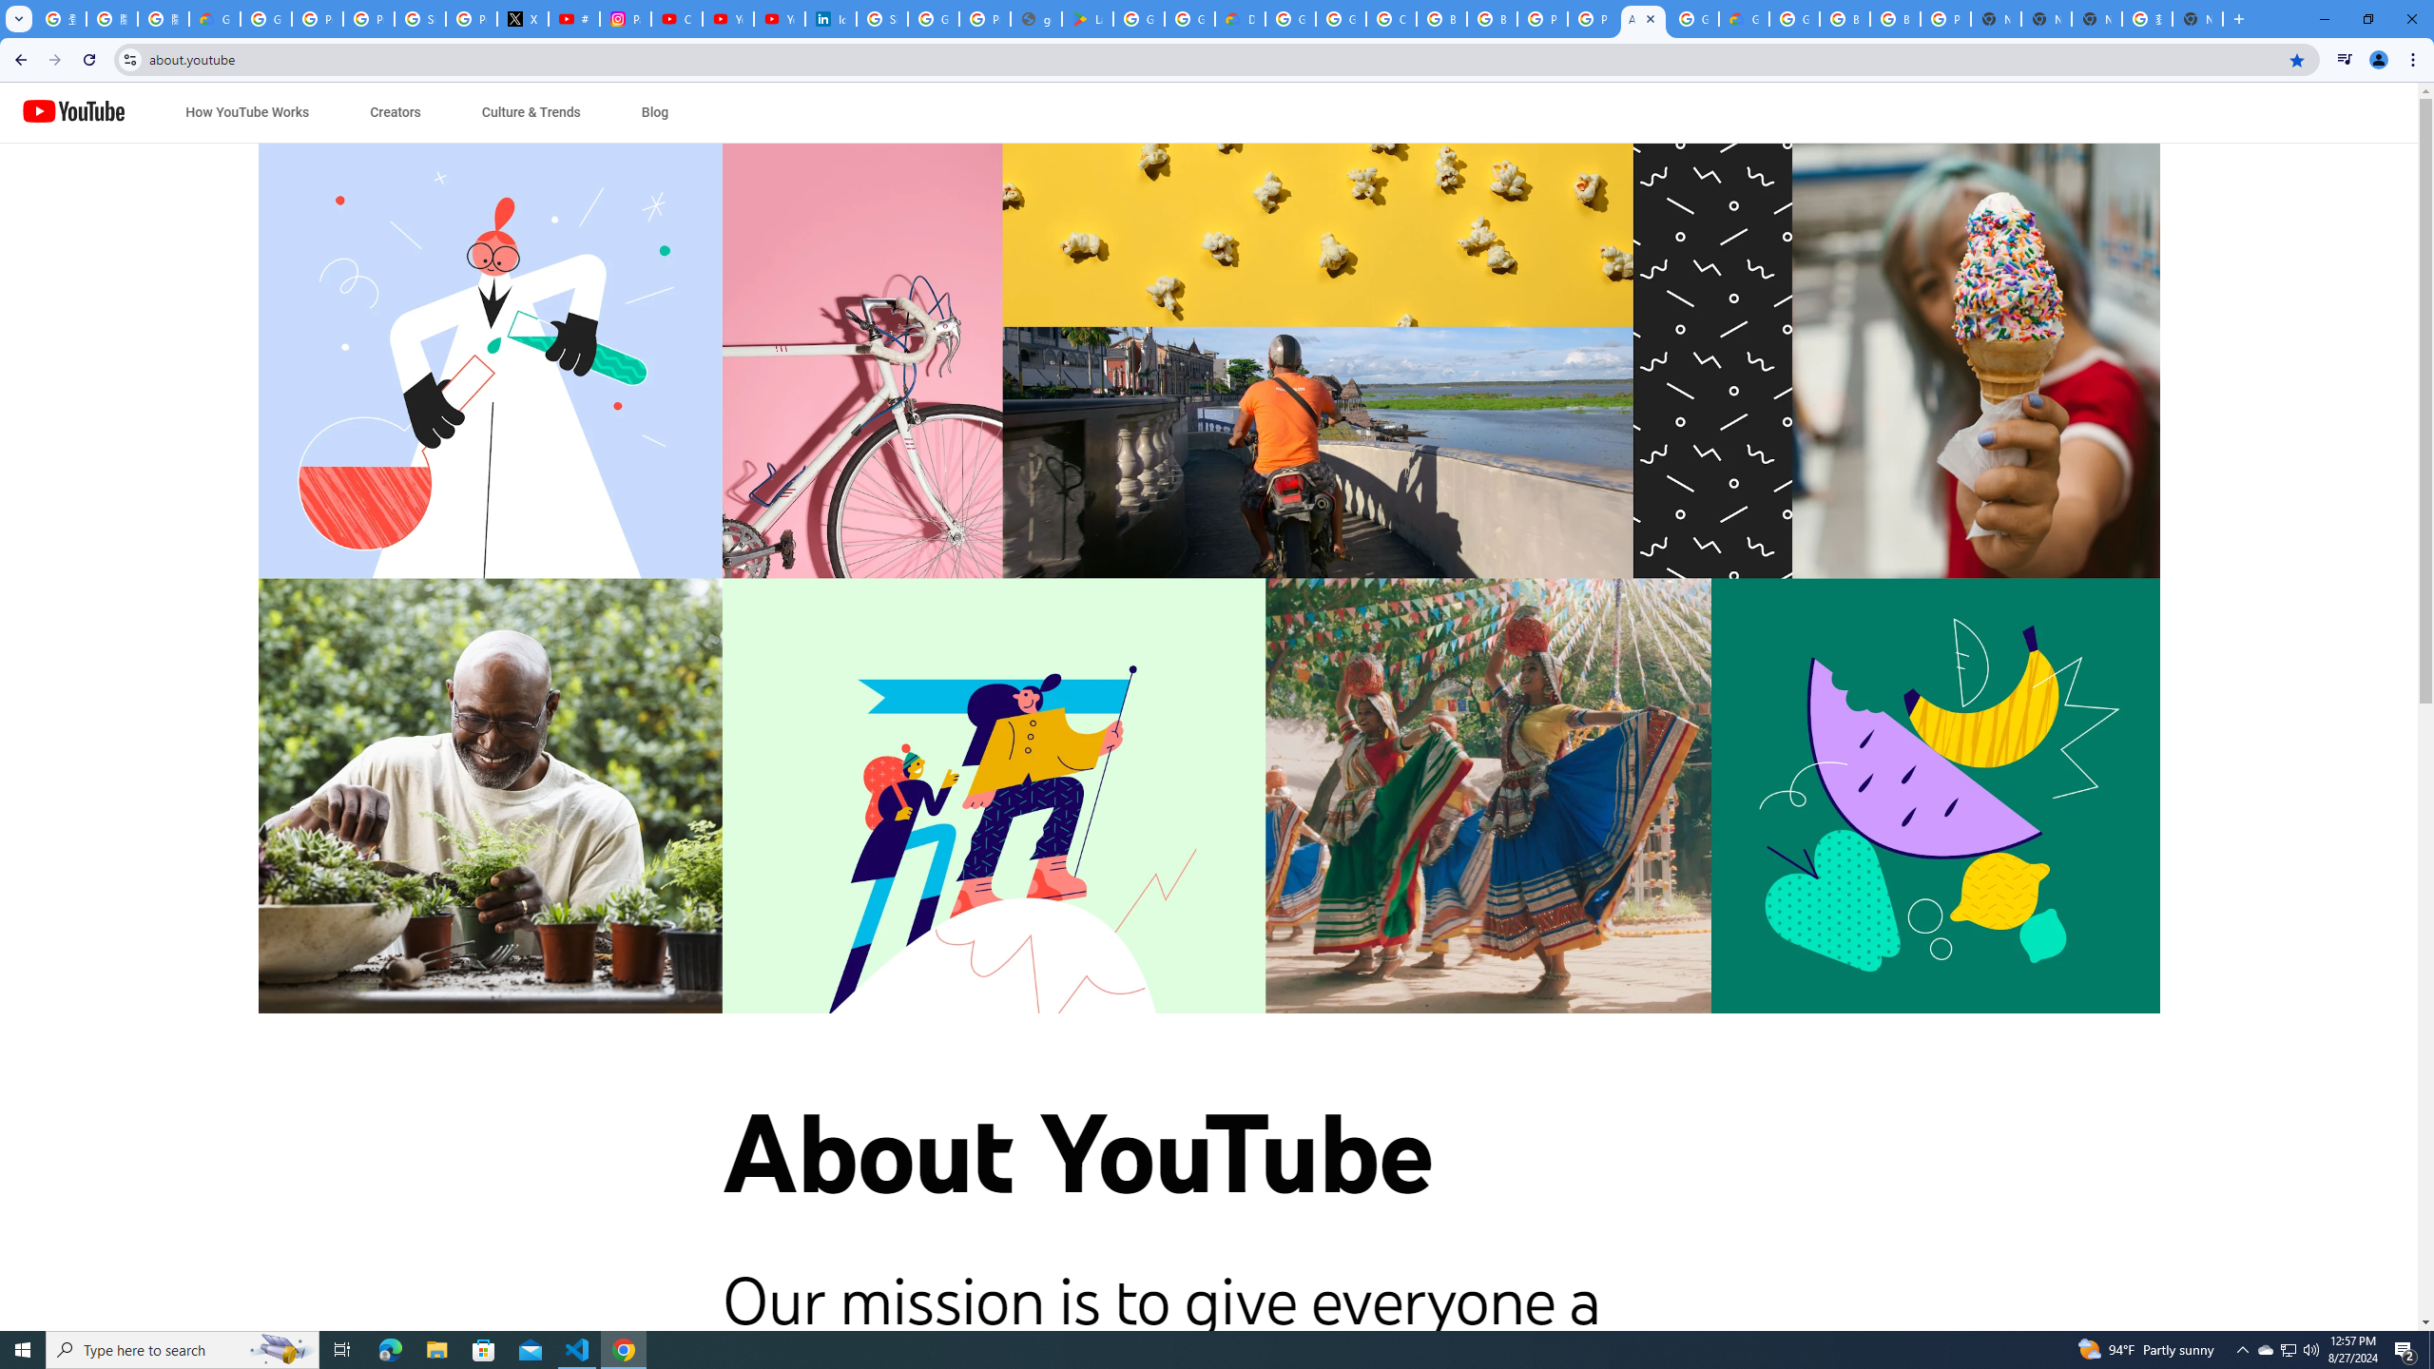 Image resolution: width=2434 pixels, height=1369 pixels. What do you see at coordinates (177, 112) in the screenshot?
I see `'Jump to content'` at bounding box center [177, 112].